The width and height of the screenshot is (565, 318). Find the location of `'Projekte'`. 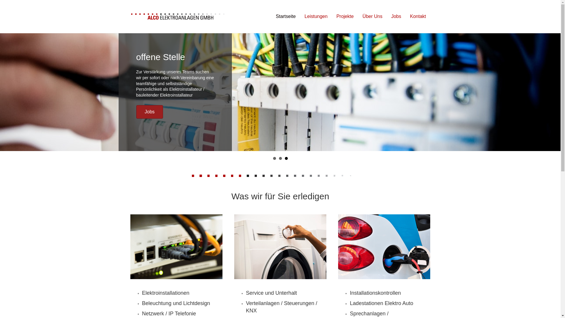

'Projekte' is located at coordinates (345, 16).